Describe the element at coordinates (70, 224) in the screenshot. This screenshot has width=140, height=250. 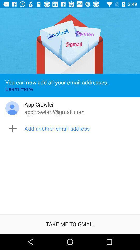
I see `the take me to icon` at that location.